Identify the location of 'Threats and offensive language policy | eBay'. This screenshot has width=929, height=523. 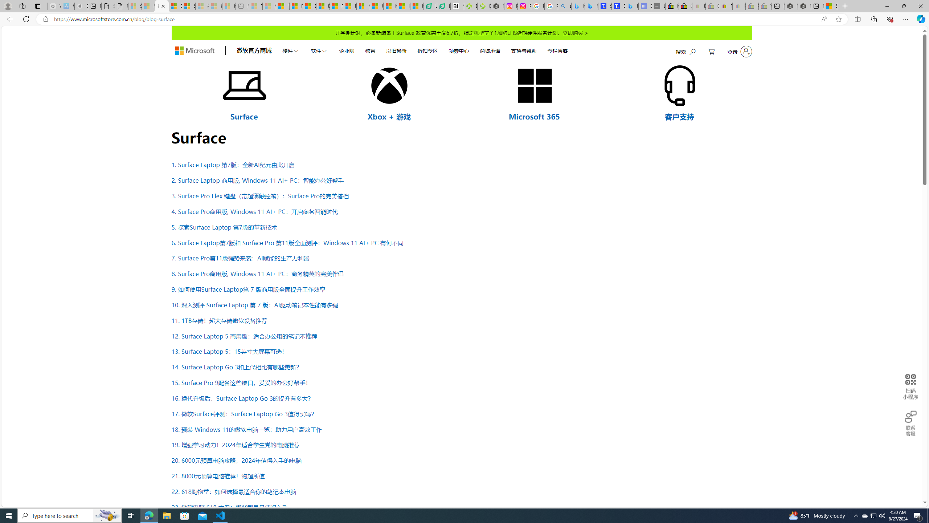
(726, 6).